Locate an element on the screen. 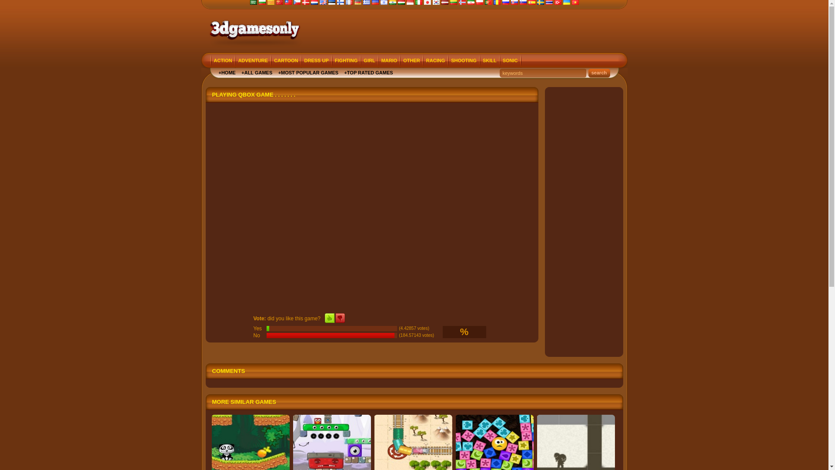 The height and width of the screenshot is (470, 835). '+HOME' is located at coordinates (227, 72).